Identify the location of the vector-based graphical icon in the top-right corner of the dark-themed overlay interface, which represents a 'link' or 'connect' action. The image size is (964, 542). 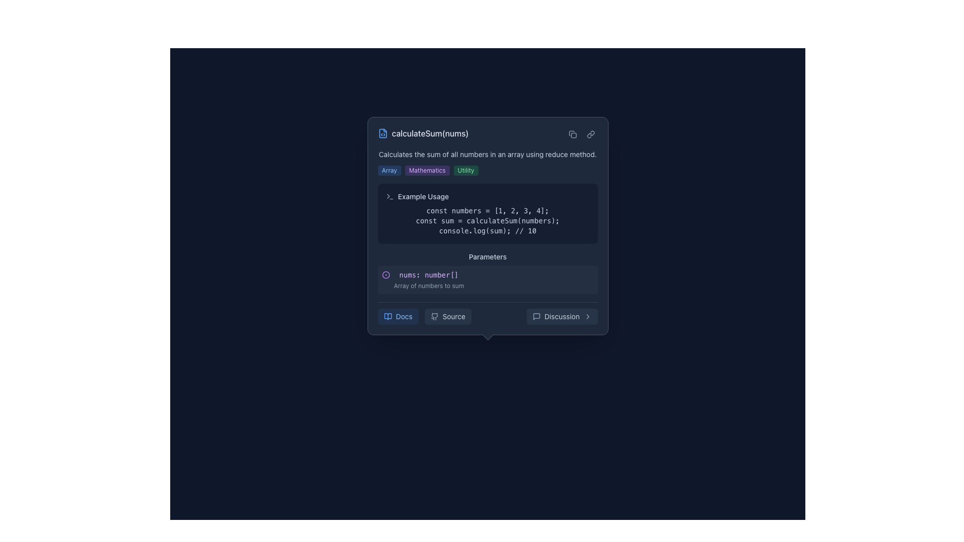
(590, 133).